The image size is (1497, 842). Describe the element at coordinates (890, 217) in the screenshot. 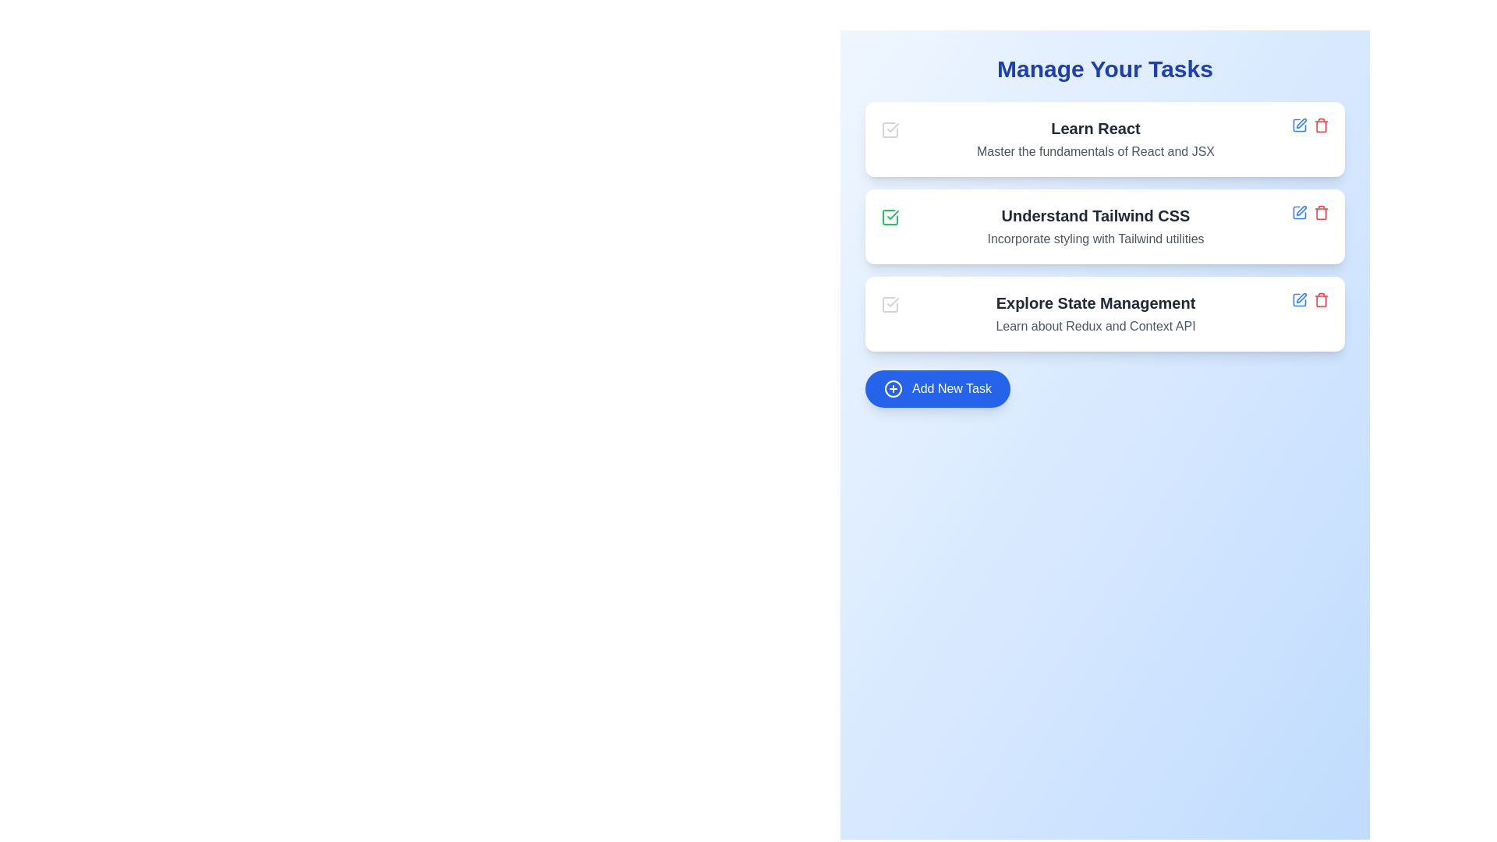

I see `the checkbox graphic indicating the selected state of the task 'Understand Tailwind CSS'` at that location.